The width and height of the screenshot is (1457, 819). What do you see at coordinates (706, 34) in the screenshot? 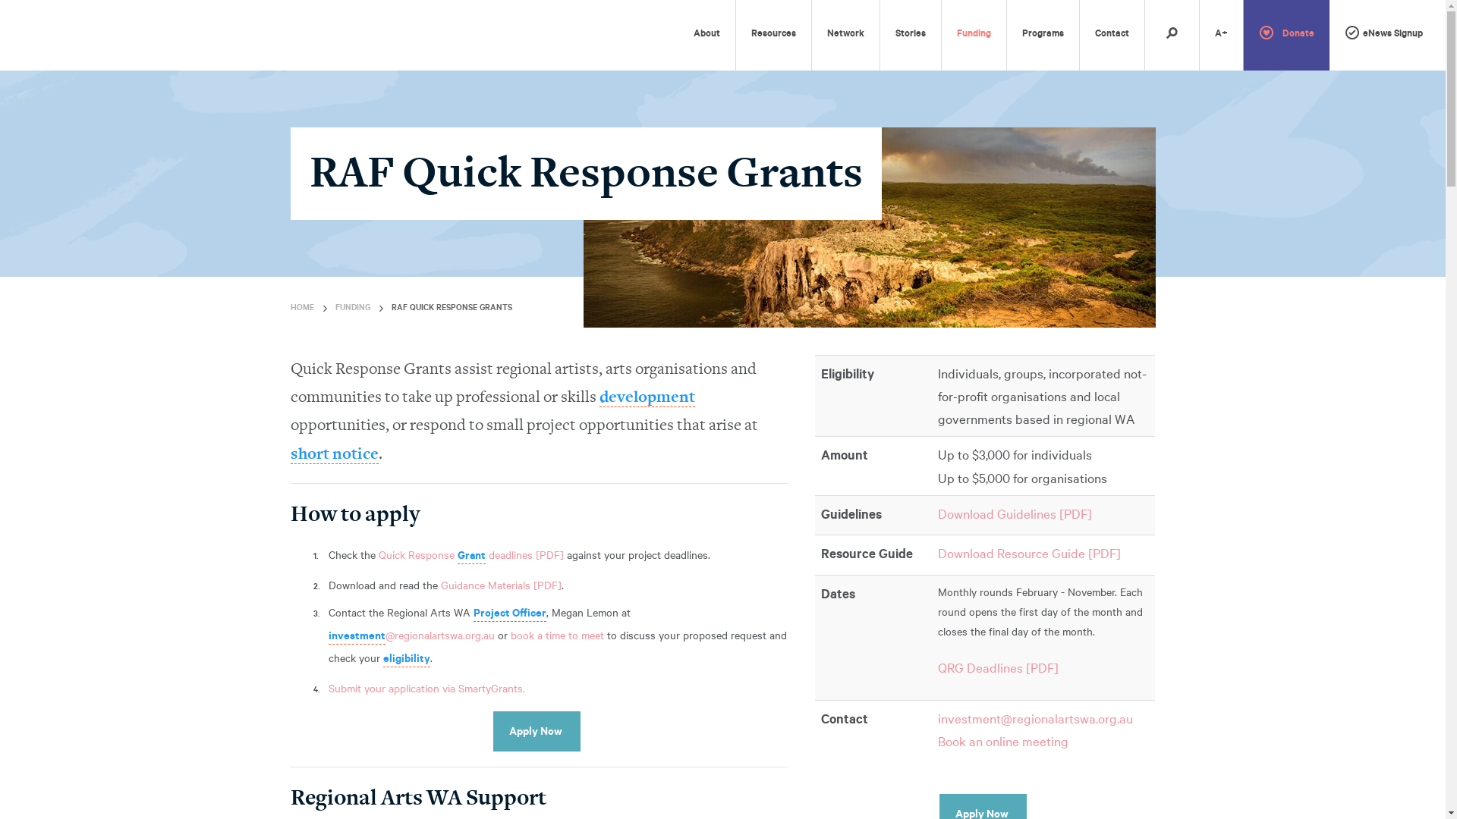
I see `'About'` at bounding box center [706, 34].